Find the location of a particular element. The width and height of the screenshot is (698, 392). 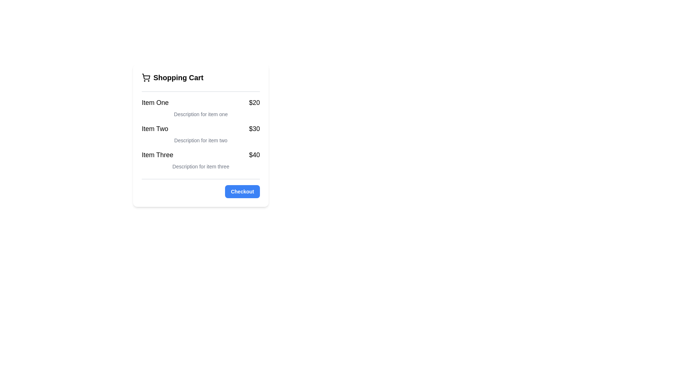

the list item component displaying 'Item Two' in the shopping cart, which includes the title, price, and description is located at coordinates (201, 134).